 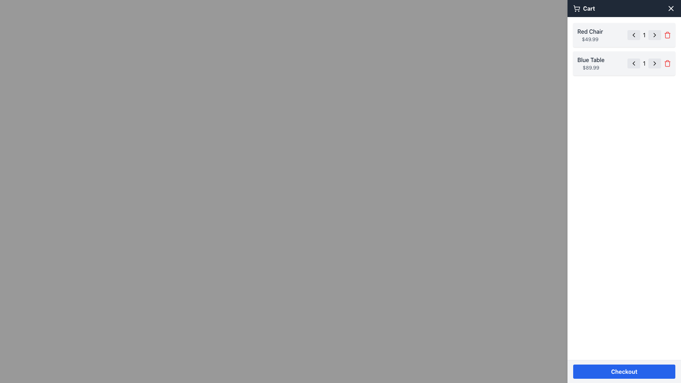 What do you see at coordinates (577, 7) in the screenshot?
I see `the shopping cart icon outline, specifically targeting the rounded bottom edge and front end of the cart, which is located adjacent to the 'Cart' text label in the top bar interface` at bounding box center [577, 7].